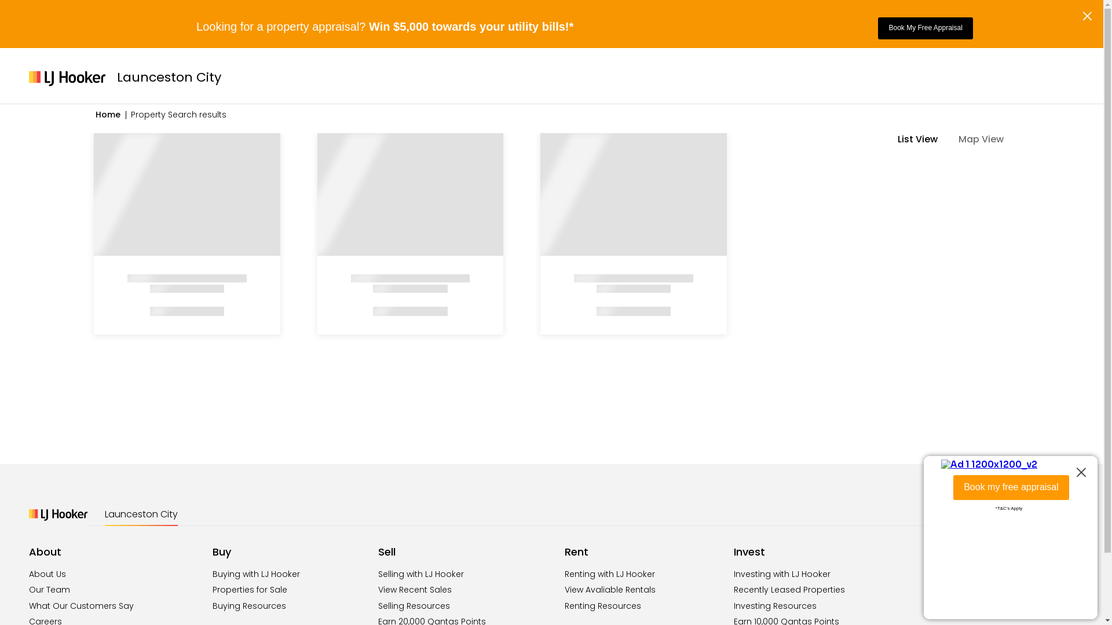 The image size is (1112, 625). What do you see at coordinates (255, 573) in the screenshot?
I see `'Buying with LJ Hooker'` at bounding box center [255, 573].